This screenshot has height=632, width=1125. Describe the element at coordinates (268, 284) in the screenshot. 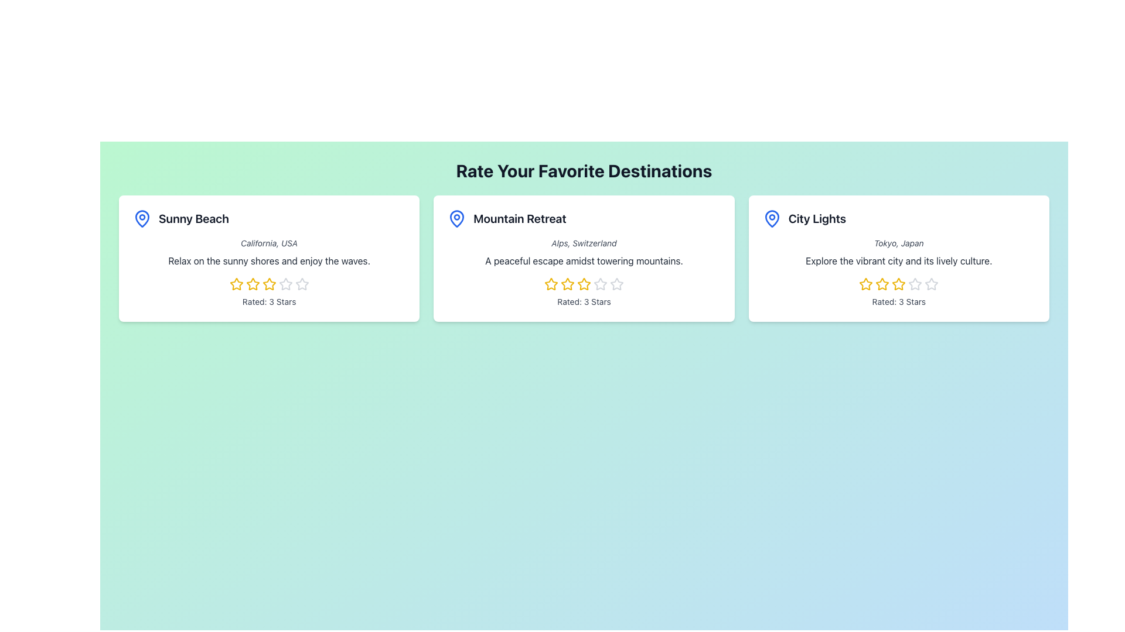

I see `the third star` at that location.